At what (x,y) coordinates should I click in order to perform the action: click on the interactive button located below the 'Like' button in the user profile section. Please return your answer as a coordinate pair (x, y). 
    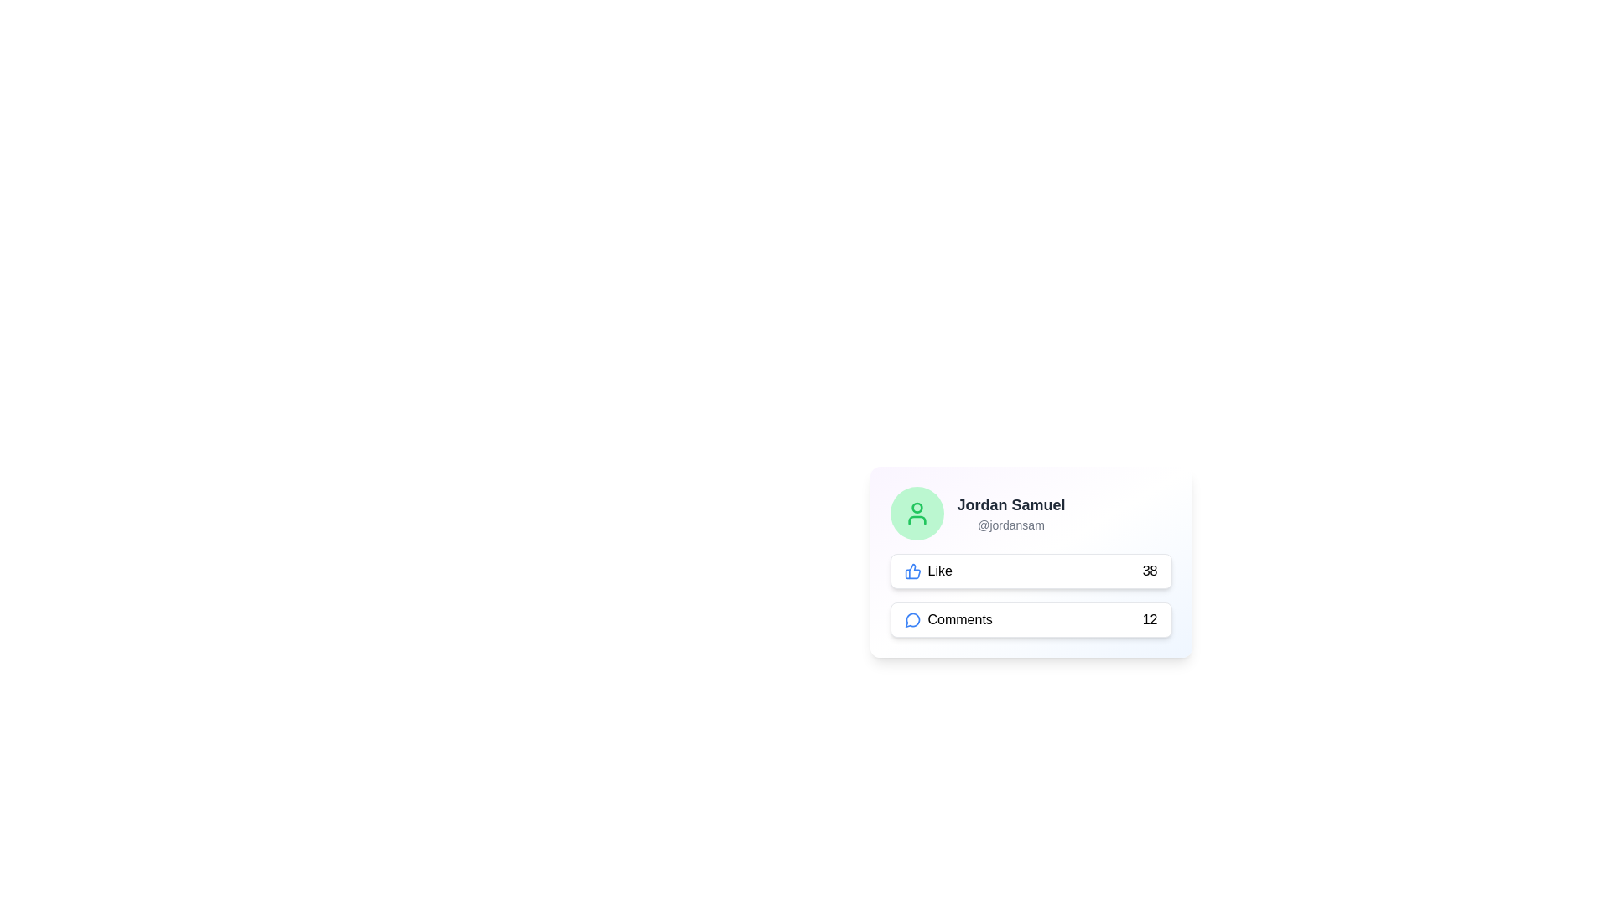
    Looking at the image, I should click on (1030, 620).